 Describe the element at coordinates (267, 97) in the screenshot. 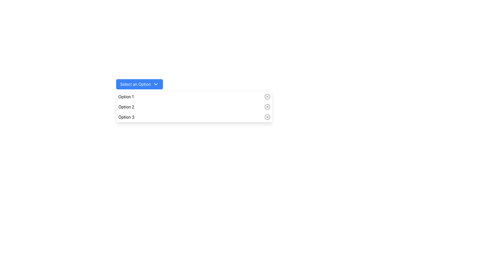

I see `the circular SVG graphical element that serves as the background of a cross icon, located in the dropdown menu near the top-right corner of the list options` at that location.